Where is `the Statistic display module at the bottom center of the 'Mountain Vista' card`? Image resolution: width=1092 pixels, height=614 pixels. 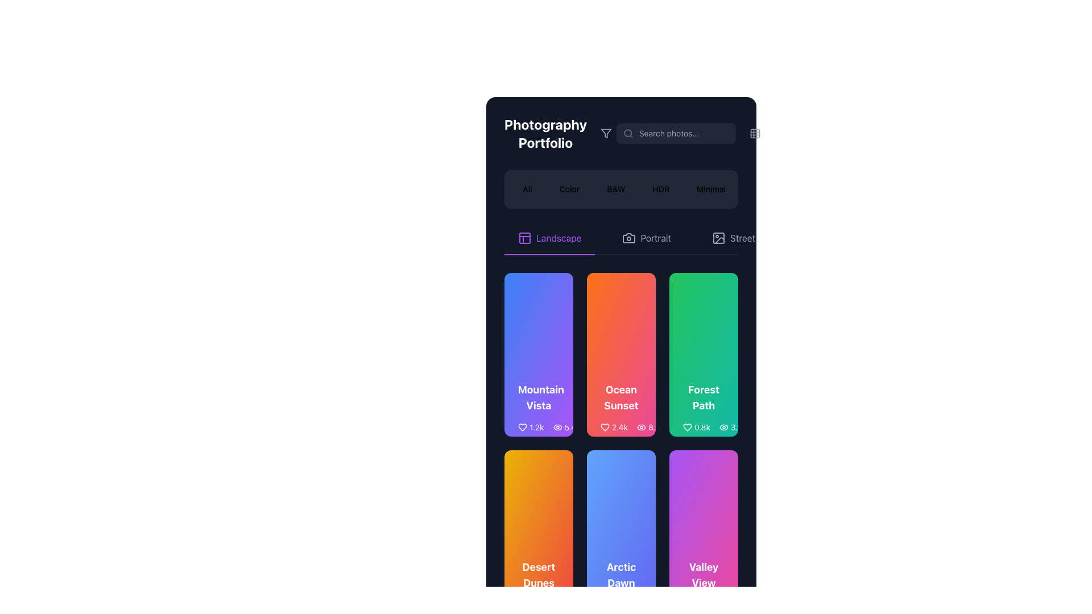 the Statistic display module at the bottom center of the 'Mountain Vista' card is located at coordinates (549, 428).